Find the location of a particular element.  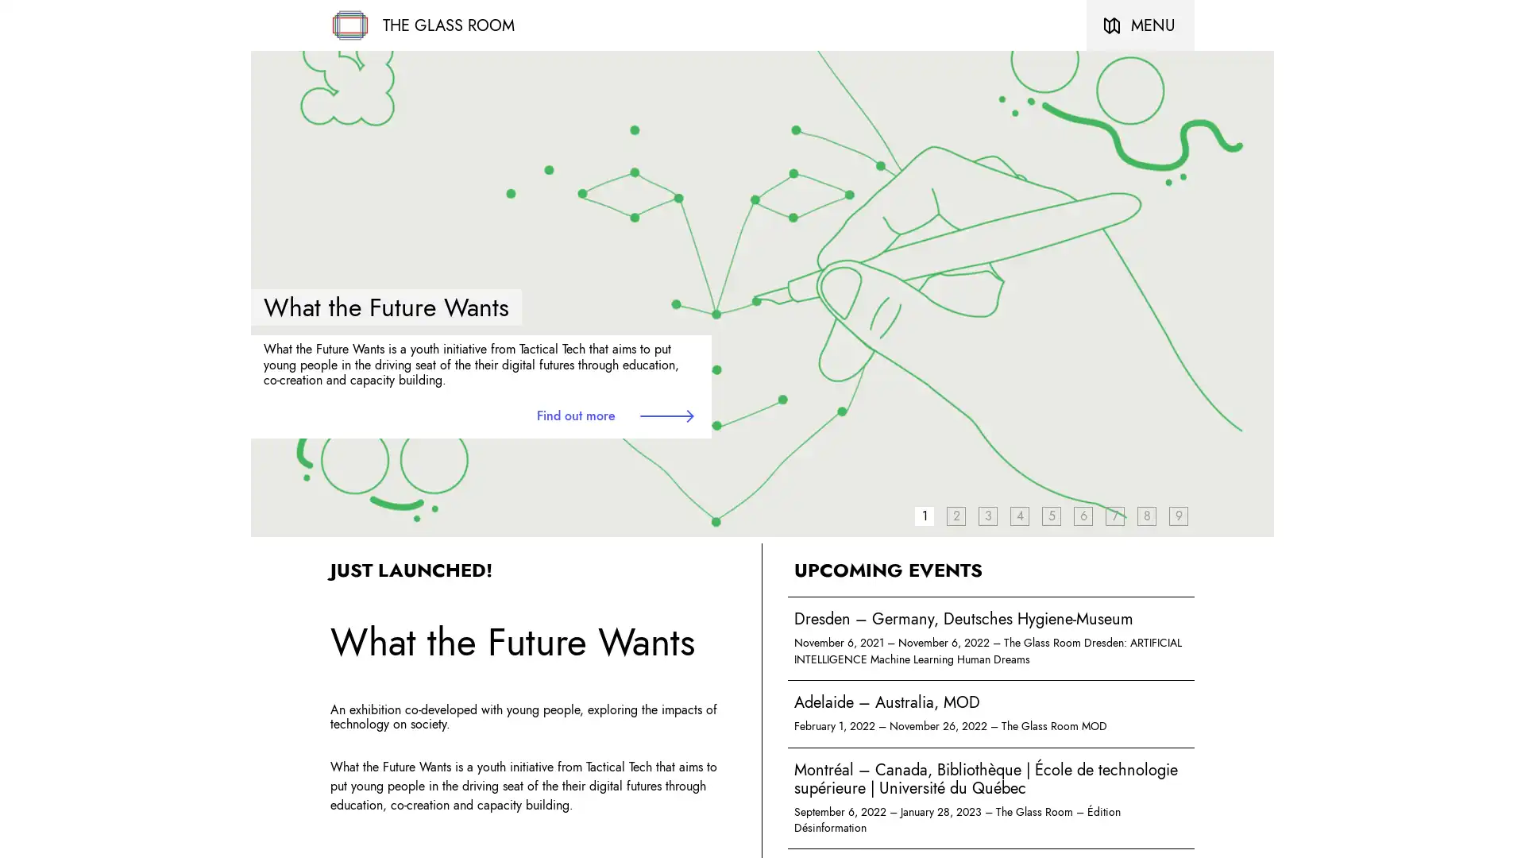

slide item 3 is located at coordinates (986, 515).